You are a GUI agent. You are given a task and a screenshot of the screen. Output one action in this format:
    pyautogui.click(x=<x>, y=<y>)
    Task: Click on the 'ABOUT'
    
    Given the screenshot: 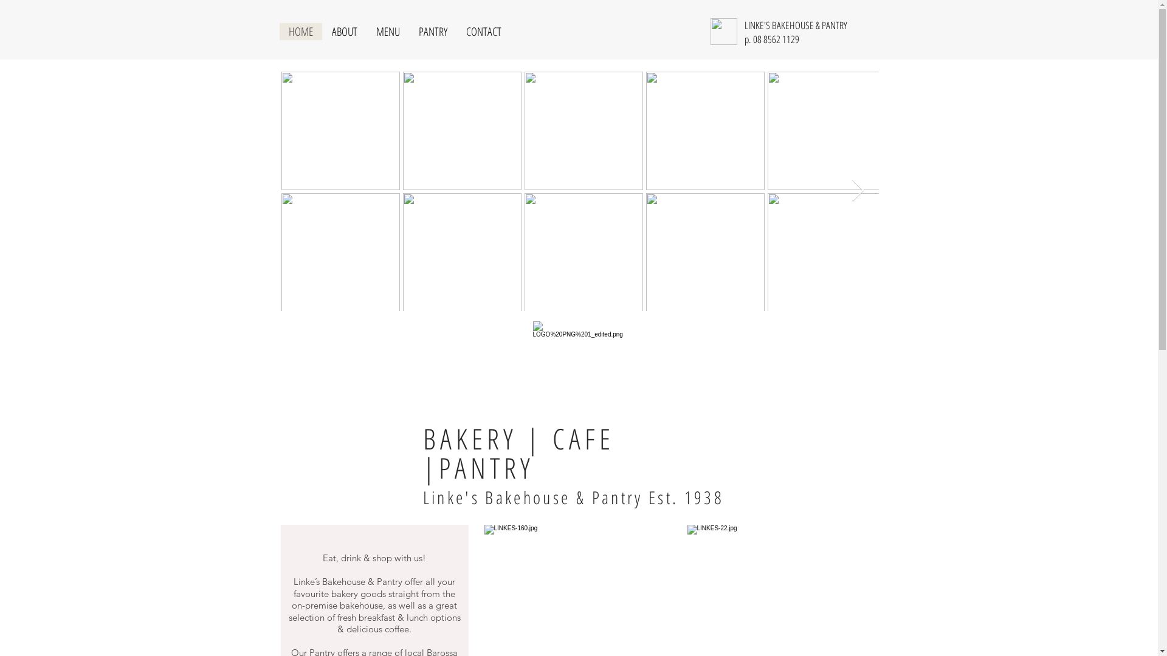 What is the action you would take?
    pyautogui.click(x=343, y=30)
    